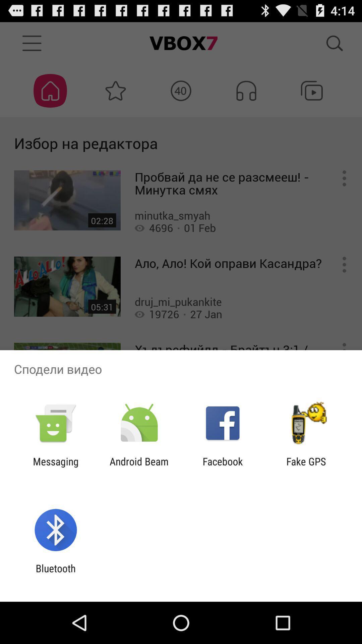  Describe the element at coordinates (306, 467) in the screenshot. I see `the item to the right of the facebook icon` at that location.